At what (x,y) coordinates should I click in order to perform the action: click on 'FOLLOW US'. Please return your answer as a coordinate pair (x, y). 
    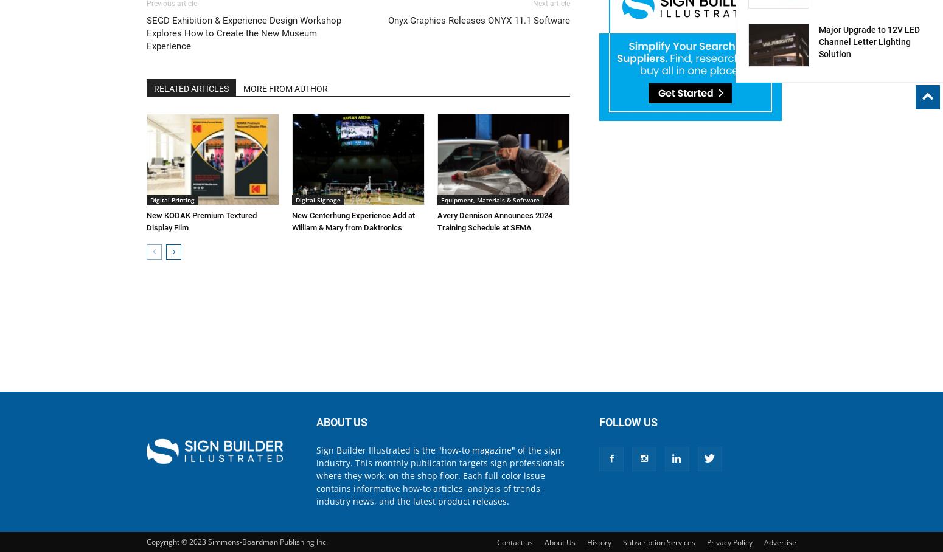
    Looking at the image, I should click on (628, 421).